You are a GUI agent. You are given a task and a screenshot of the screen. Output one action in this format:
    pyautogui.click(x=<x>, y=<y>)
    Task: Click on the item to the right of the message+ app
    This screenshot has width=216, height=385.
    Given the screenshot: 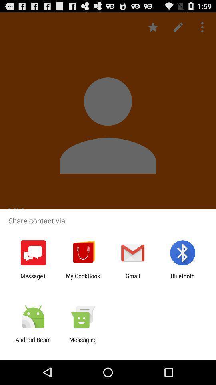 What is the action you would take?
    pyautogui.click(x=82, y=279)
    